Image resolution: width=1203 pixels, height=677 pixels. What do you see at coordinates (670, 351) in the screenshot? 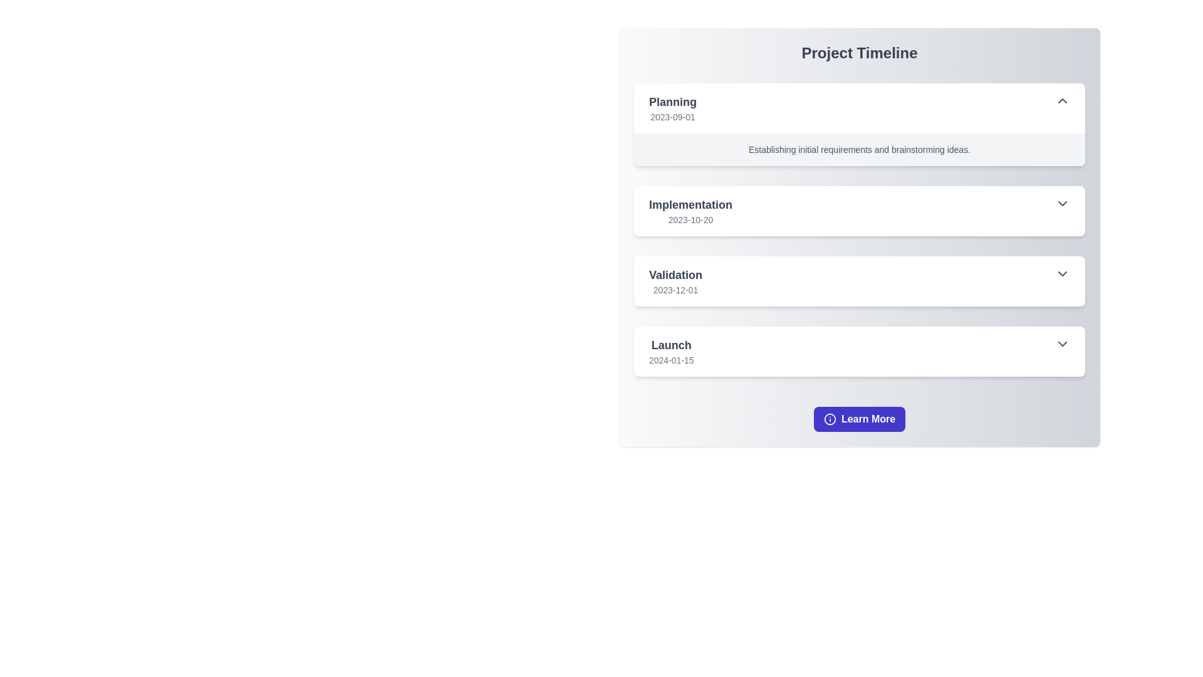
I see `the timeline item displaying the title 'Launch' and the date '2024-01-15', located beneath the 'Validation' section` at bounding box center [670, 351].